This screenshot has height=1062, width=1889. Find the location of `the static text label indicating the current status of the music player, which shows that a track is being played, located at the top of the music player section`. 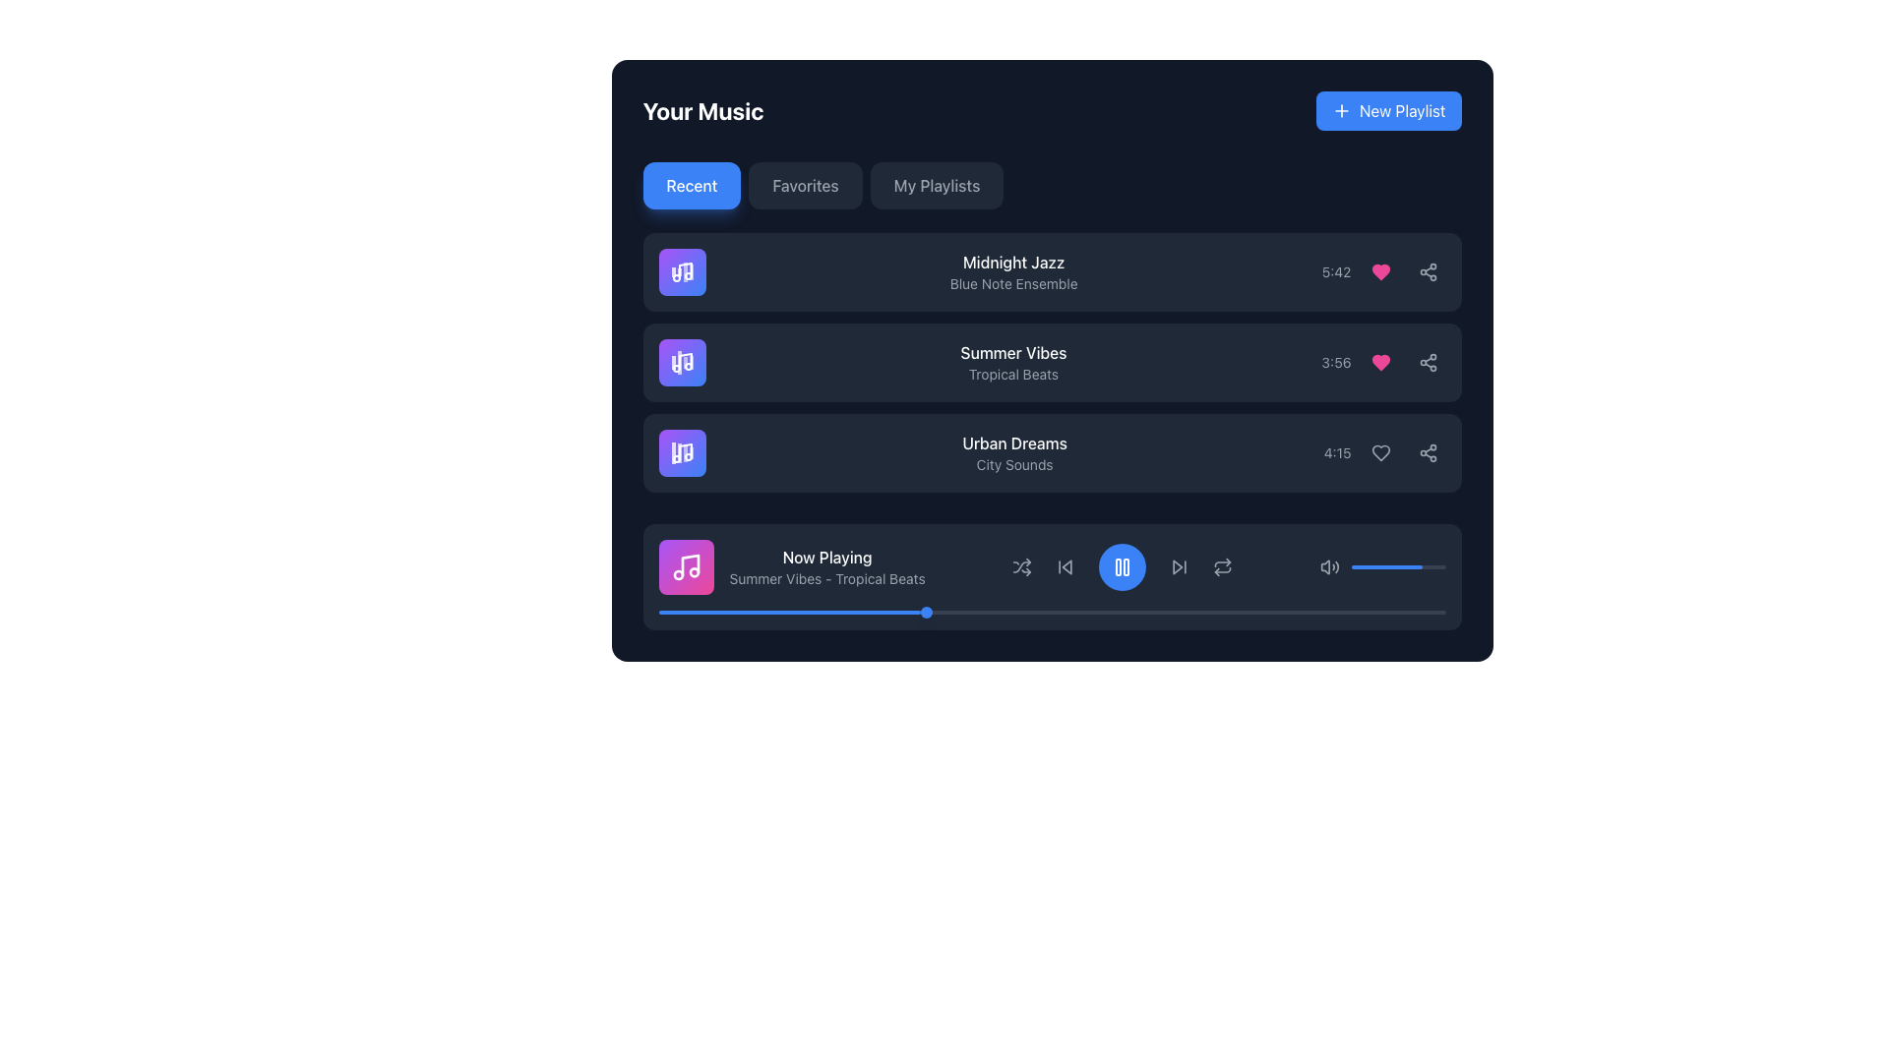

the static text label indicating the current status of the music player, which shows that a track is being played, located at the top of the music player section is located at coordinates (827, 558).